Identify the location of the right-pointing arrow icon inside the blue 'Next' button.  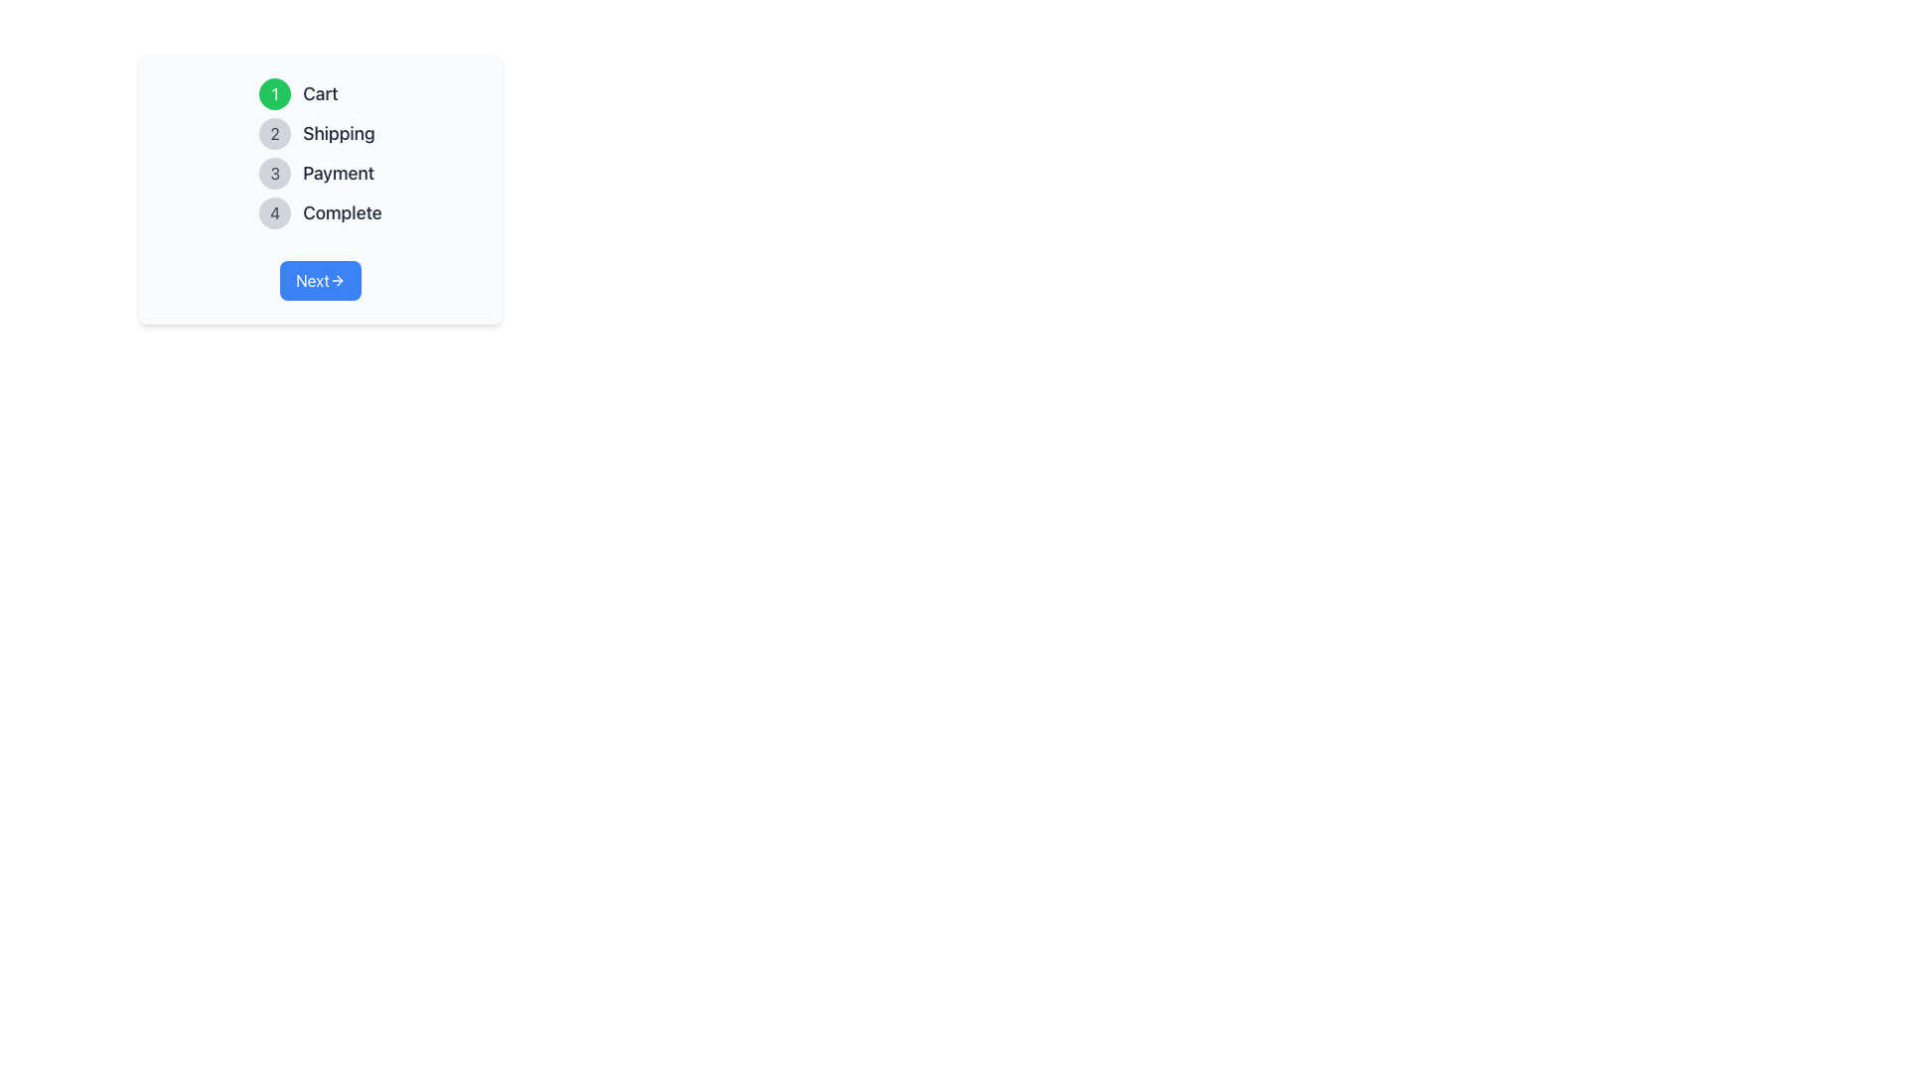
(337, 280).